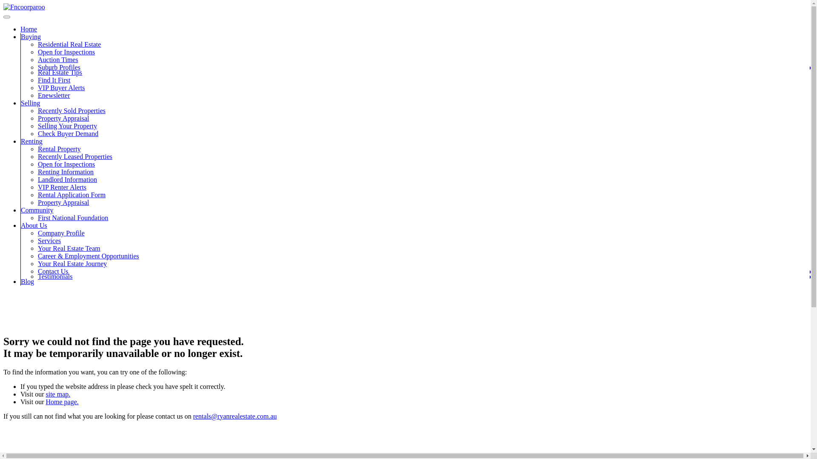 This screenshot has height=459, width=817. I want to click on 'Career & Employment Opportunities', so click(88, 255).